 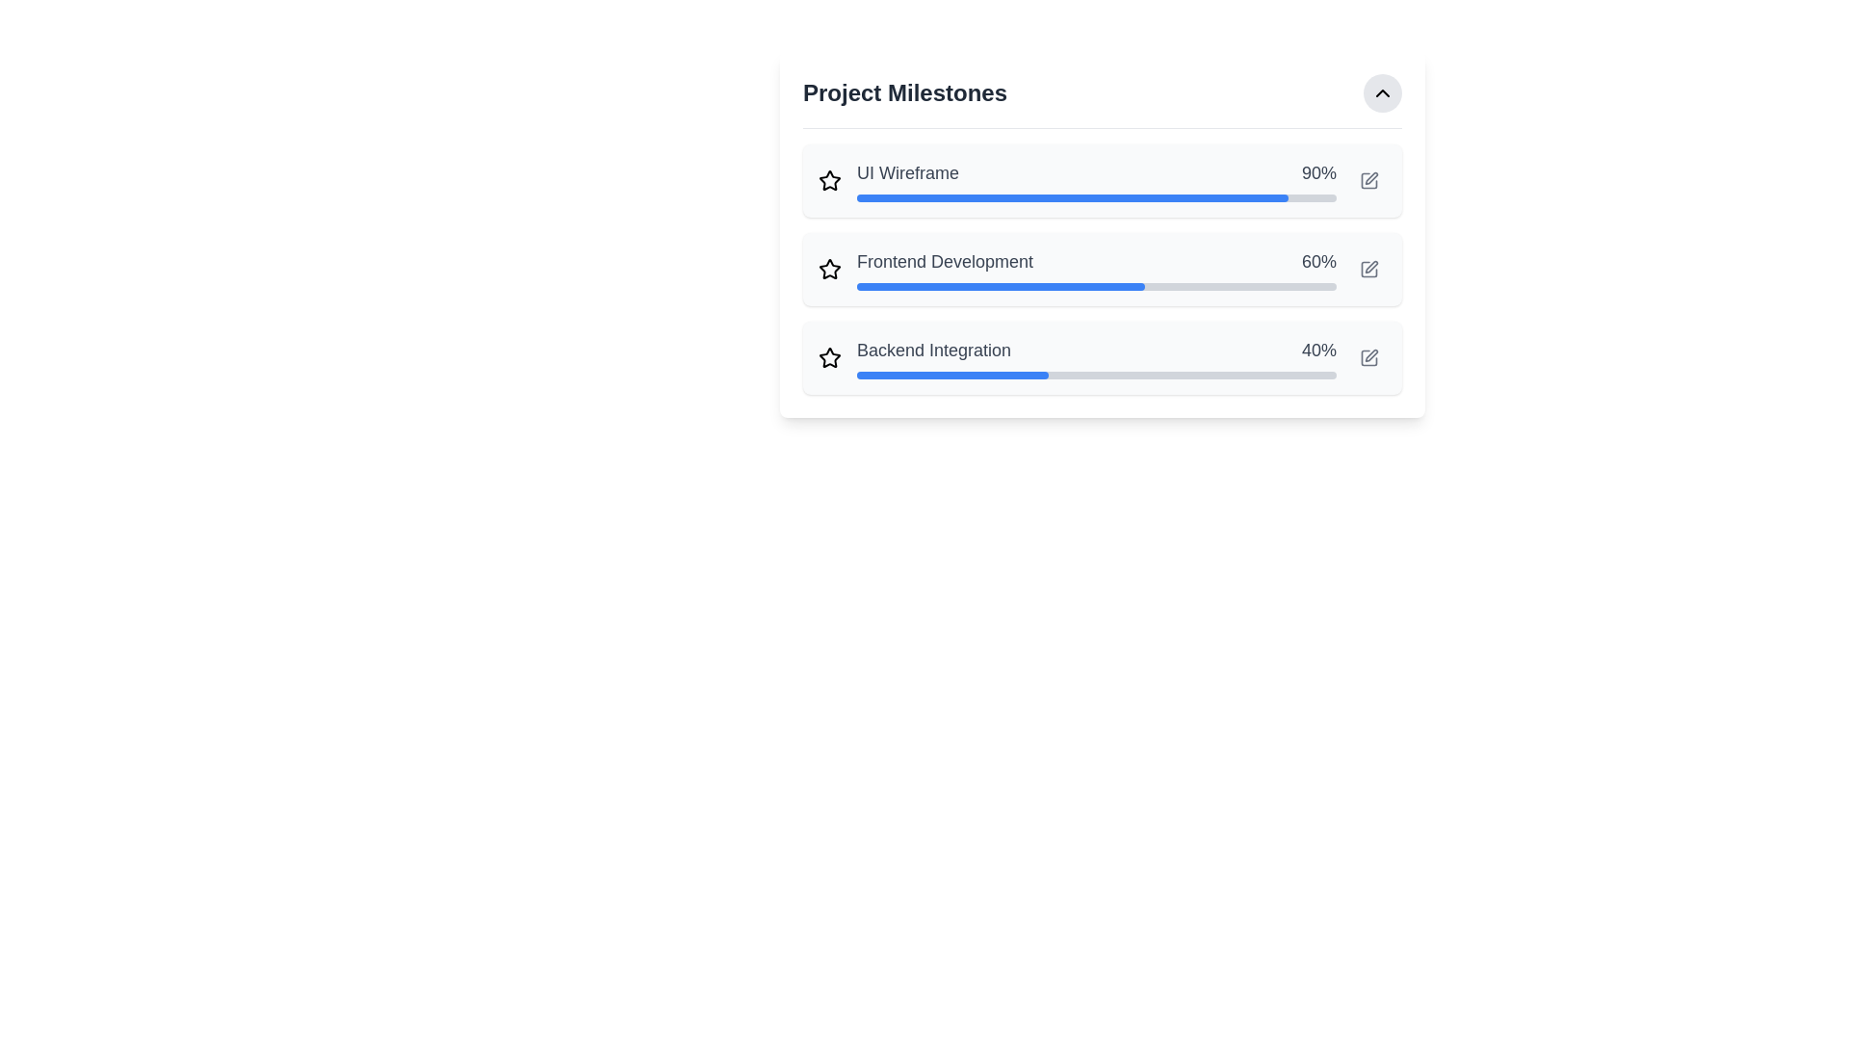 I want to click on the star button, so click(x=830, y=270).